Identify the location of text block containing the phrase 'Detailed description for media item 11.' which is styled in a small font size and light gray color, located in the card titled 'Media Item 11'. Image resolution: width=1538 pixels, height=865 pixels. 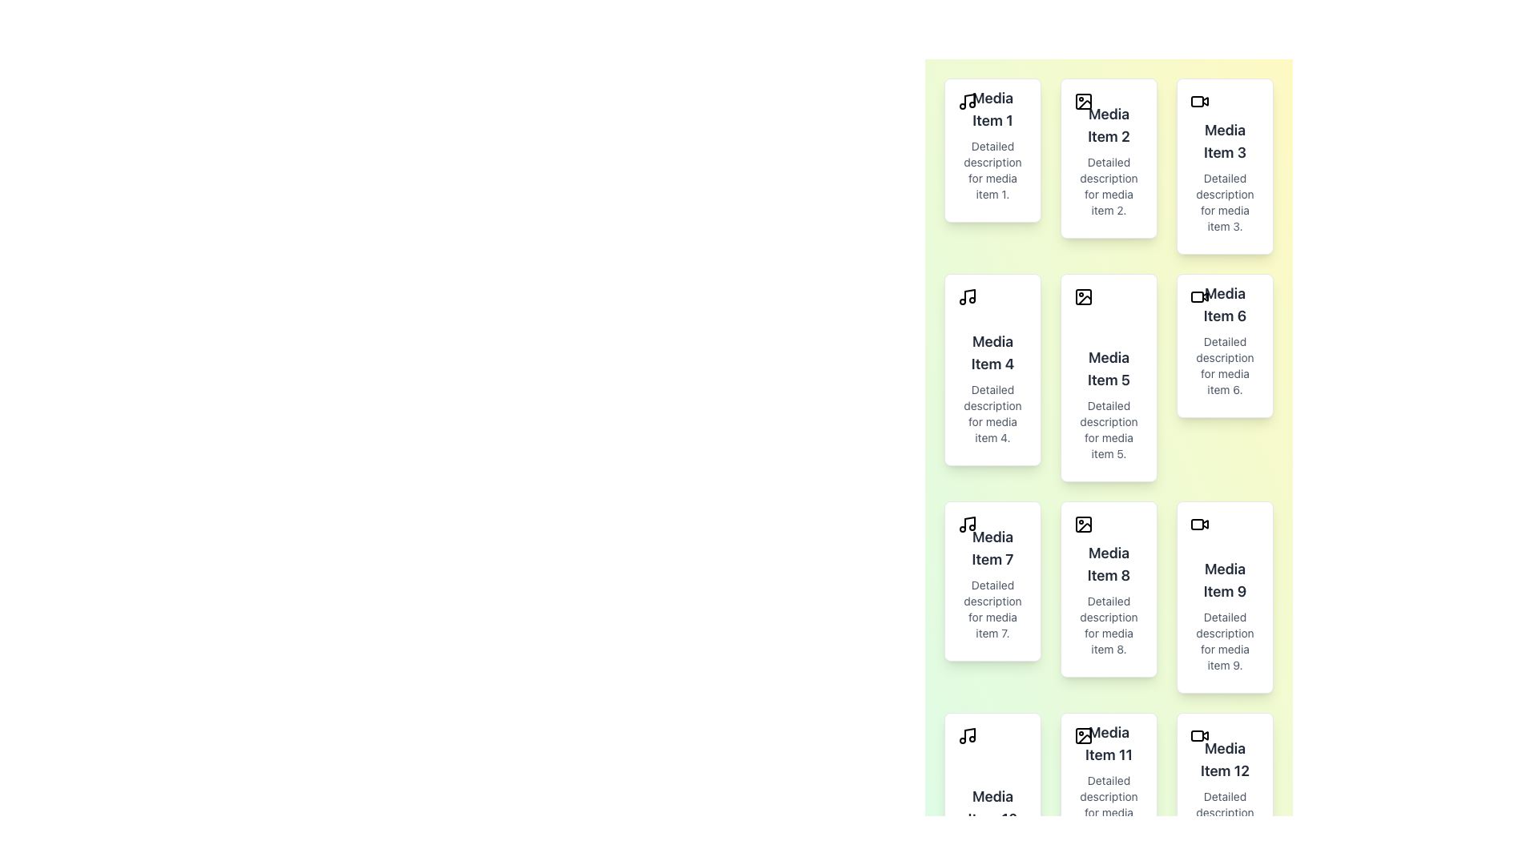
(1108, 805).